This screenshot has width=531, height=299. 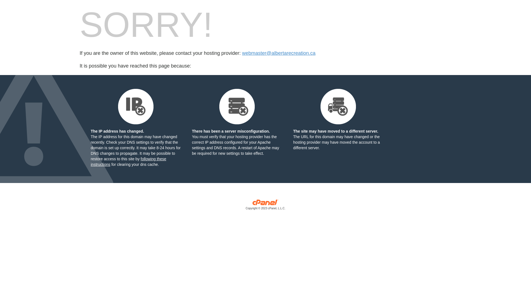 What do you see at coordinates (278, 53) in the screenshot?
I see `'webmaster@albertarecreation.ca'` at bounding box center [278, 53].